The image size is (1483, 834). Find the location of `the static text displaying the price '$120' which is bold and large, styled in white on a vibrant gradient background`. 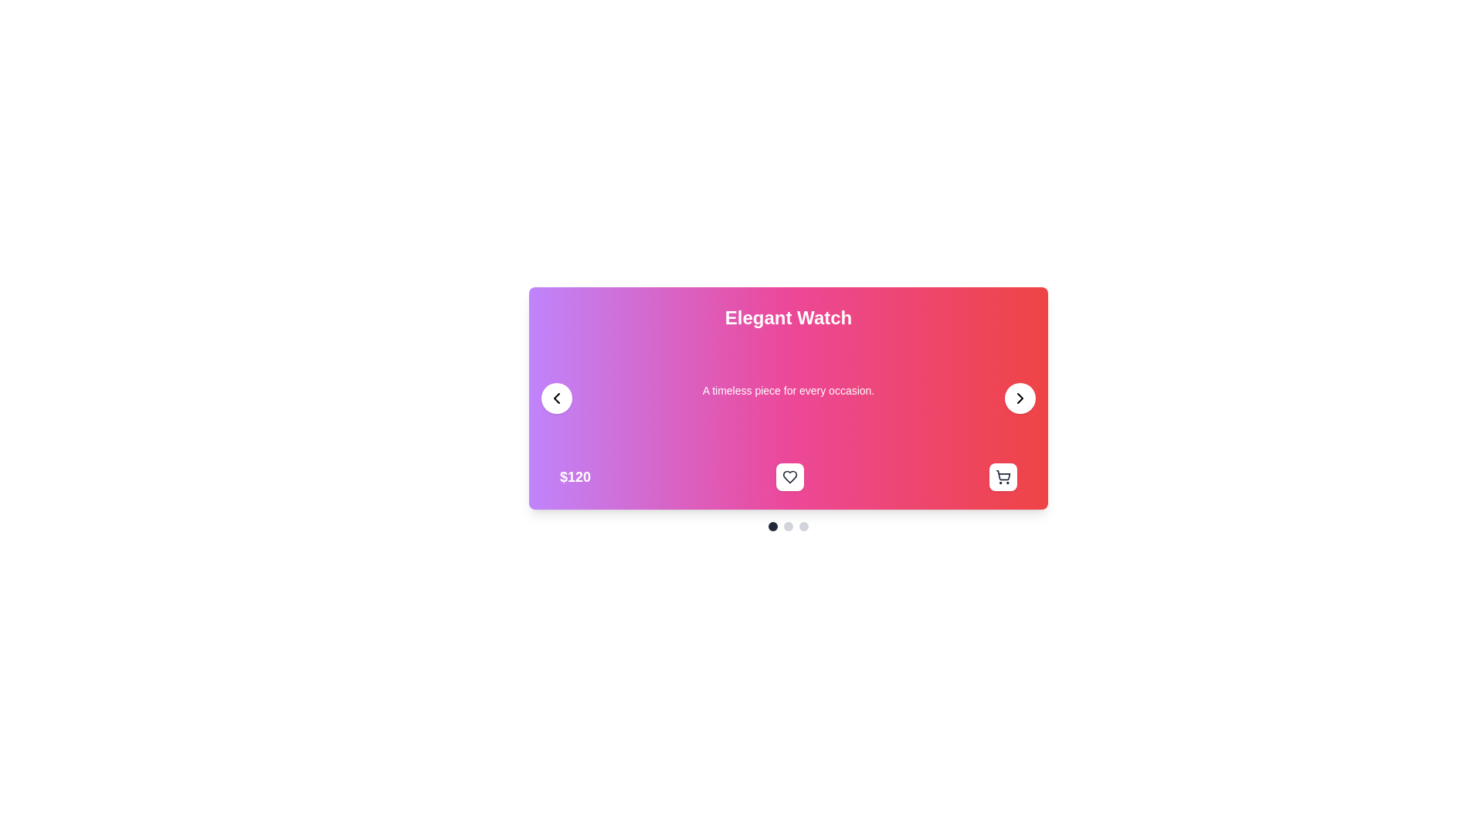

the static text displaying the price '$120' which is bold and large, styled in white on a vibrant gradient background is located at coordinates (574, 476).